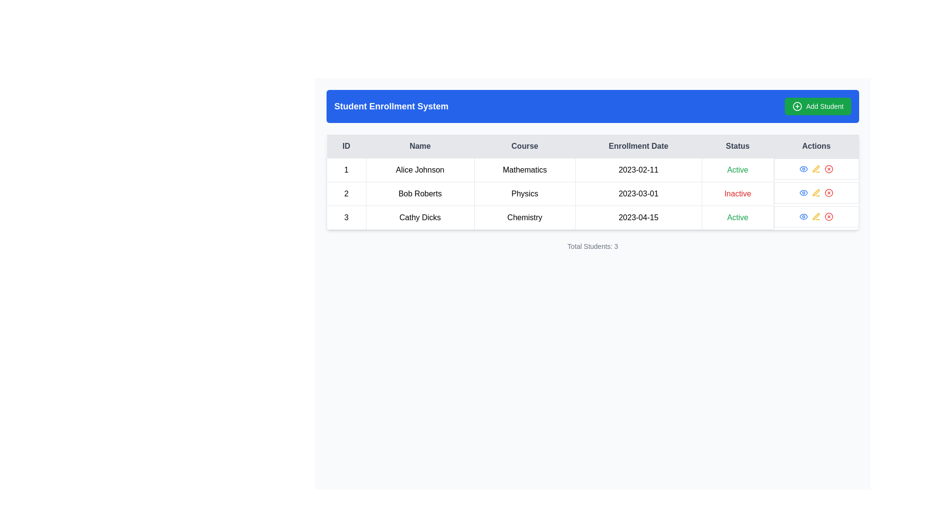 Image resolution: width=933 pixels, height=525 pixels. Describe the element at coordinates (420, 217) in the screenshot. I see `to select the table cell displaying the text 'Cathy Dicks' located in the third row, second column of the data table` at that location.